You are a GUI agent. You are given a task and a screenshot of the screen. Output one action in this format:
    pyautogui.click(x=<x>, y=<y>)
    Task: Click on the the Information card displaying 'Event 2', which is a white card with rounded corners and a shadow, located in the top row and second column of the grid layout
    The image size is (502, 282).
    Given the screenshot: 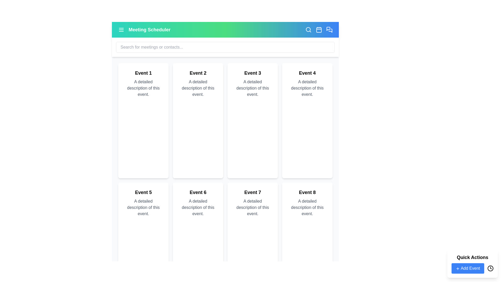 What is the action you would take?
    pyautogui.click(x=198, y=121)
    